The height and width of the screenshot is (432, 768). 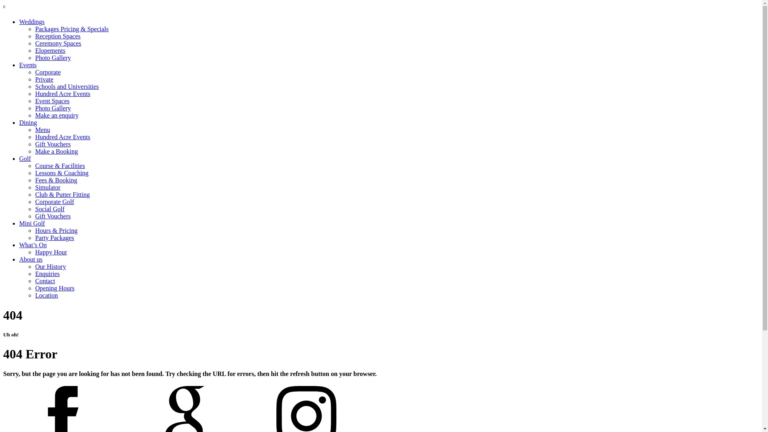 I want to click on 'Simulator', so click(x=47, y=187).